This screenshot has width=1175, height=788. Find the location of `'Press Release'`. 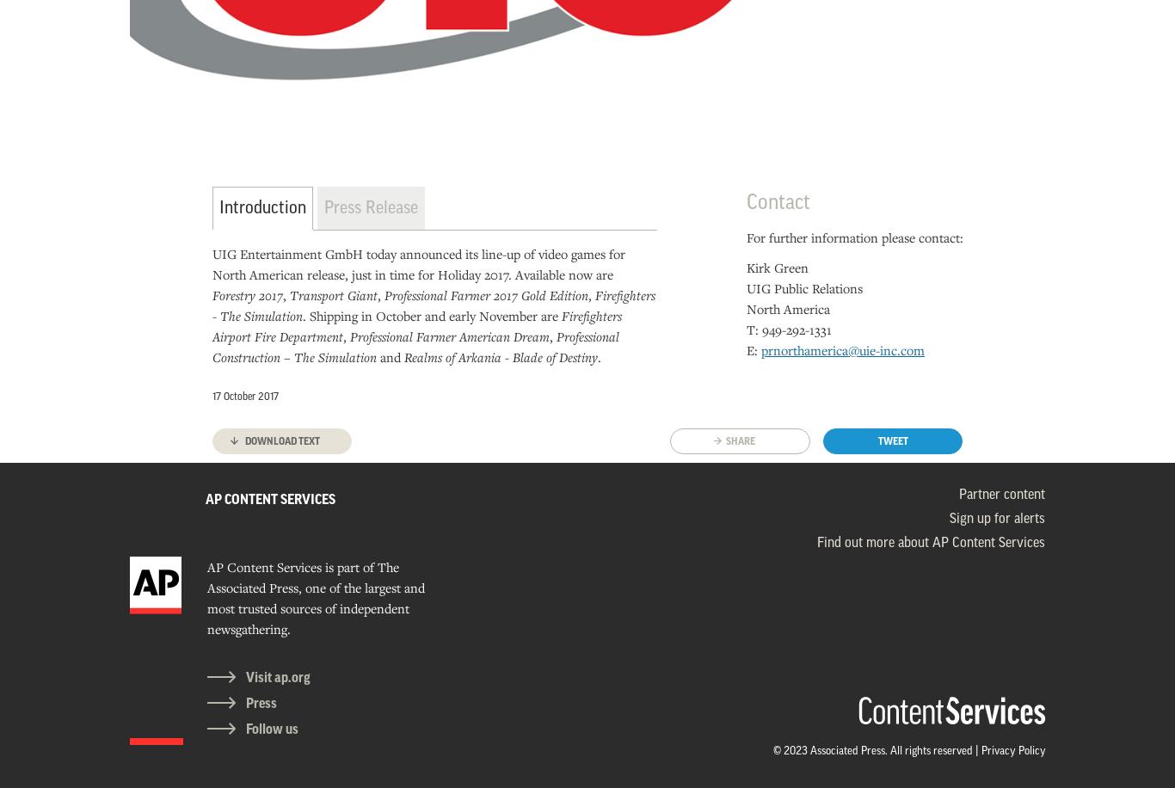

'Press Release' is located at coordinates (369, 208).